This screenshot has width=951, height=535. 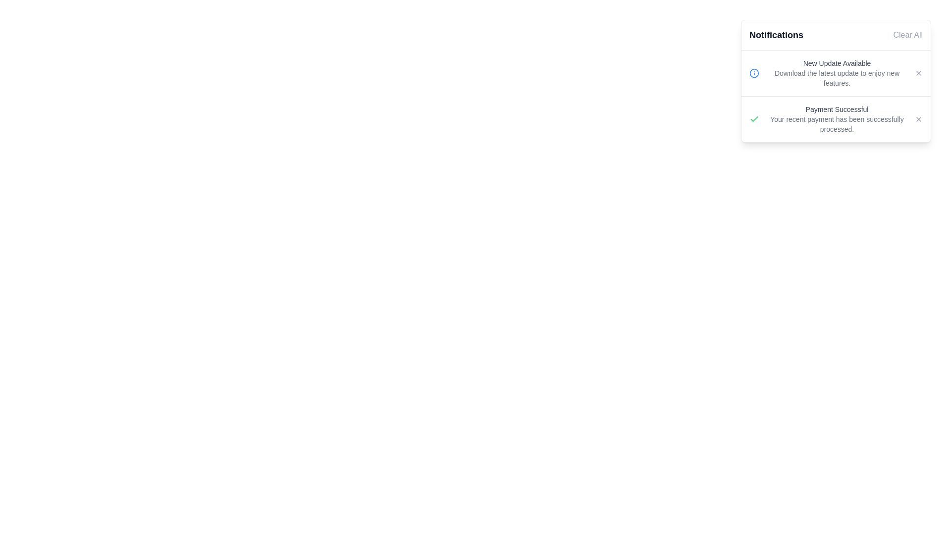 I want to click on the Notification card that displays a success message for the recent payment processed, located at the top-right corner of the interface, so click(x=836, y=118).